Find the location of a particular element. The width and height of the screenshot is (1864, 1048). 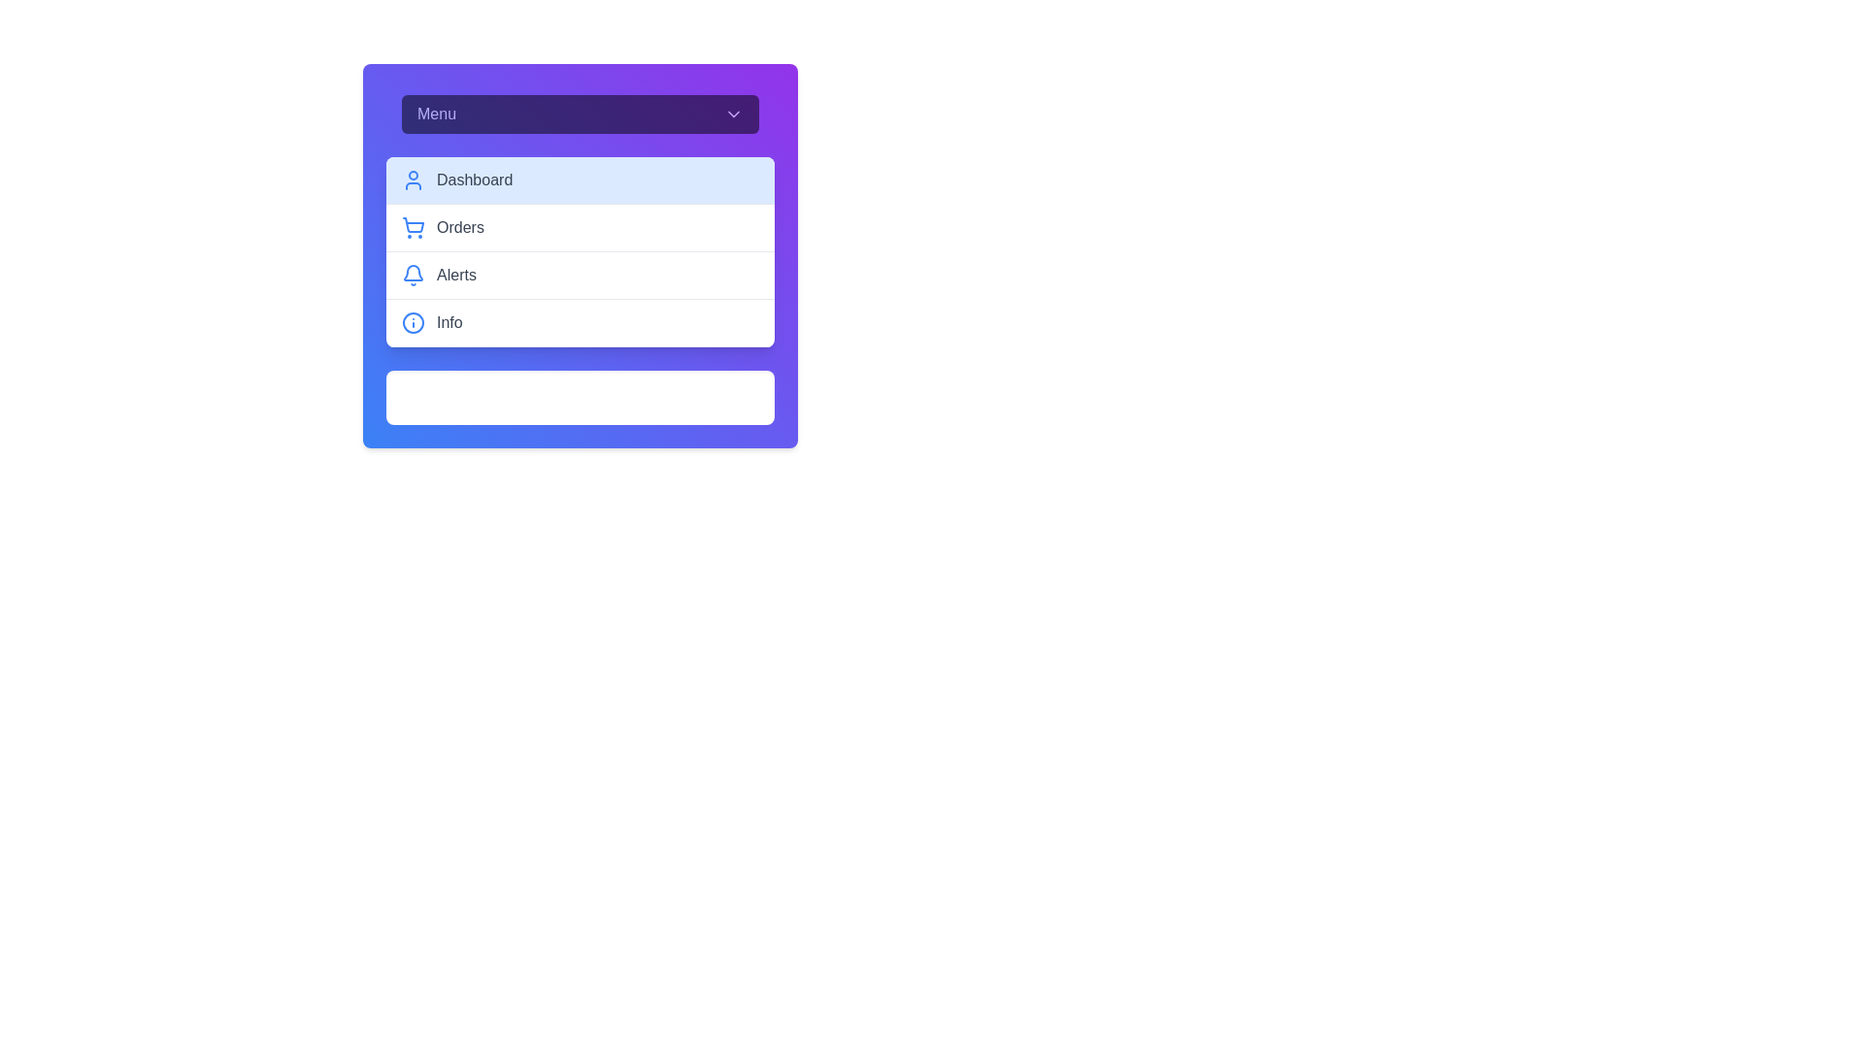

the shopping cart icon located at the leftmost part of the 'Orders' menu item in the vertical menu structure is located at coordinates (413, 227).